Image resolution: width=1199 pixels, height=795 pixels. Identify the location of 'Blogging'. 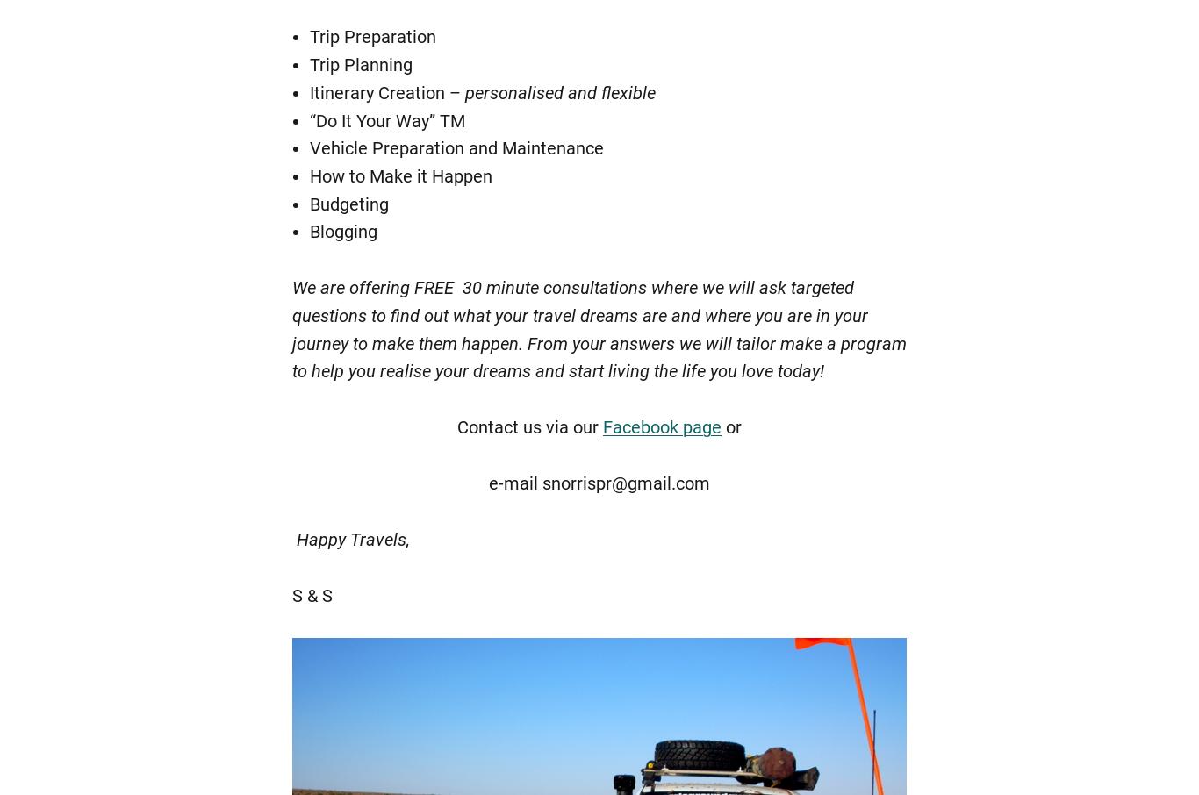
(342, 232).